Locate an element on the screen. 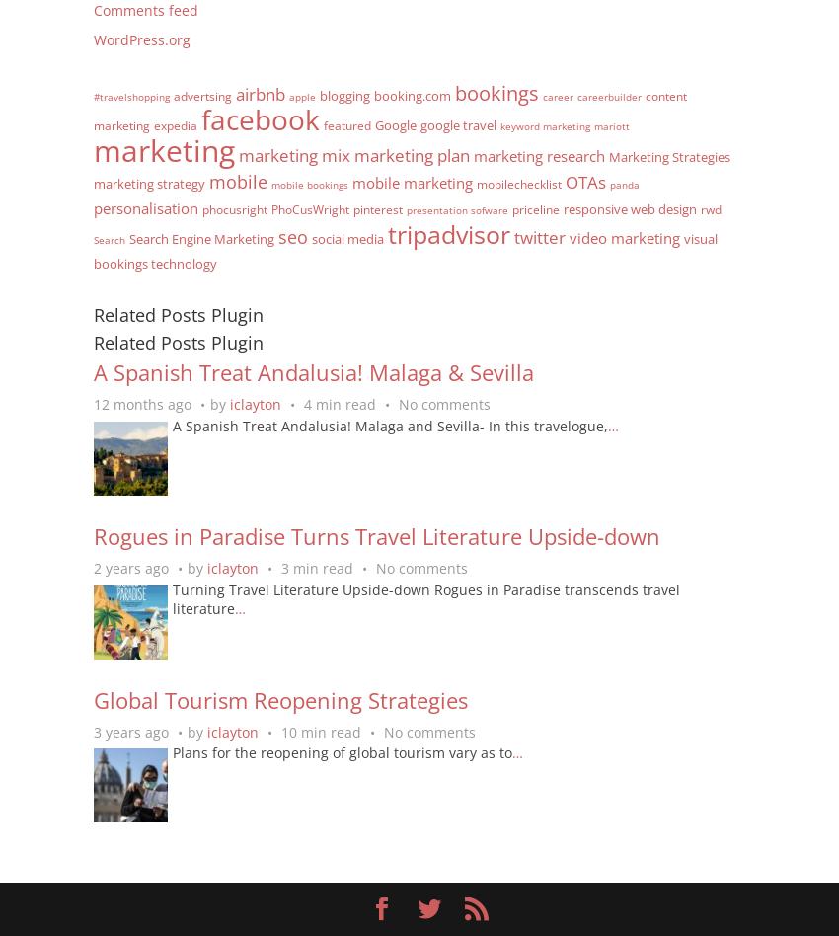 The width and height of the screenshot is (839, 936). 'marketing strategy' is located at coordinates (149, 181).